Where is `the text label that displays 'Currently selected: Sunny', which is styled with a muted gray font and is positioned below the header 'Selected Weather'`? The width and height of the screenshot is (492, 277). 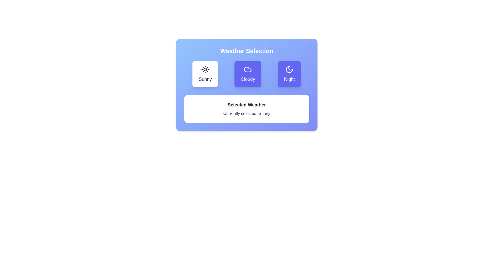
the text label that displays 'Currently selected: Sunny', which is styled with a muted gray font and is positioned below the header 'Selected Weather' is located at coordinates (247, 113).